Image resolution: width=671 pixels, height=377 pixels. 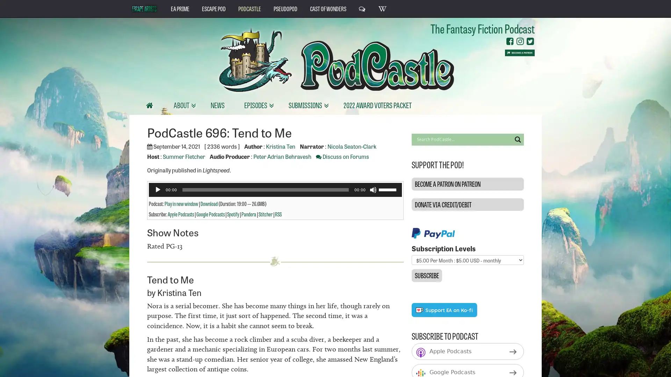 What do you see at coordinates (157, 190) in the screenshot?
I see `Play` at bounding box center [157, 190].